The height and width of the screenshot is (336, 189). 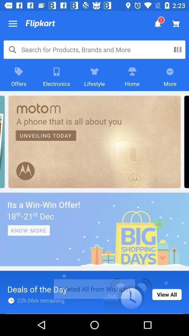 I want to click on the pause icon, so click(x=177, y=49).